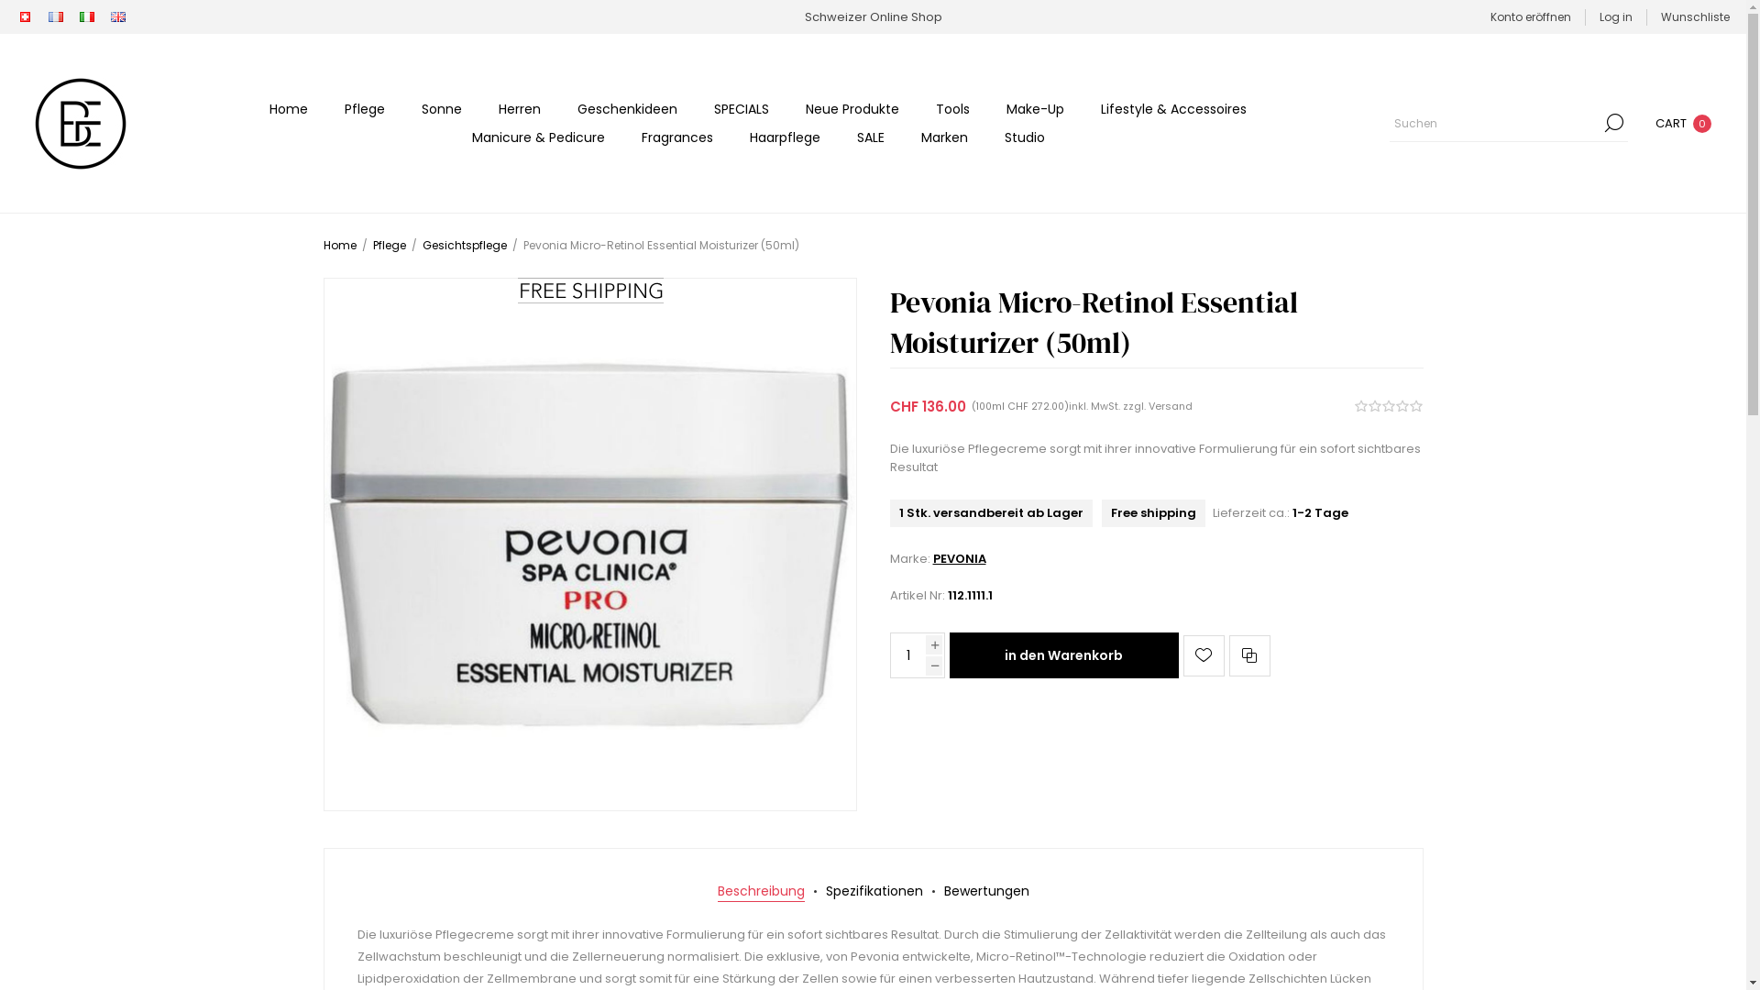 This screenshot has height=990, width=1760. I want to click on 'Bewertungen', so click(985, 890).